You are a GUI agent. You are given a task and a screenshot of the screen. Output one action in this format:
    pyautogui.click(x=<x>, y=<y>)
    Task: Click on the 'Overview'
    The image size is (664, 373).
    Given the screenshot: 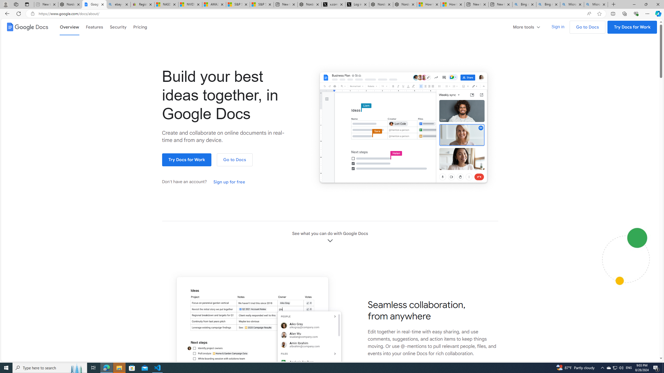 What is the action you would take?
    pyautogui.click(x=69, y=27)
    